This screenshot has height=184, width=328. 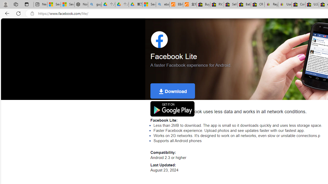 I want to click on 'RV, Trailer & Camper Steps & Ladders for sale | eBay', so click(x=217, y=4).